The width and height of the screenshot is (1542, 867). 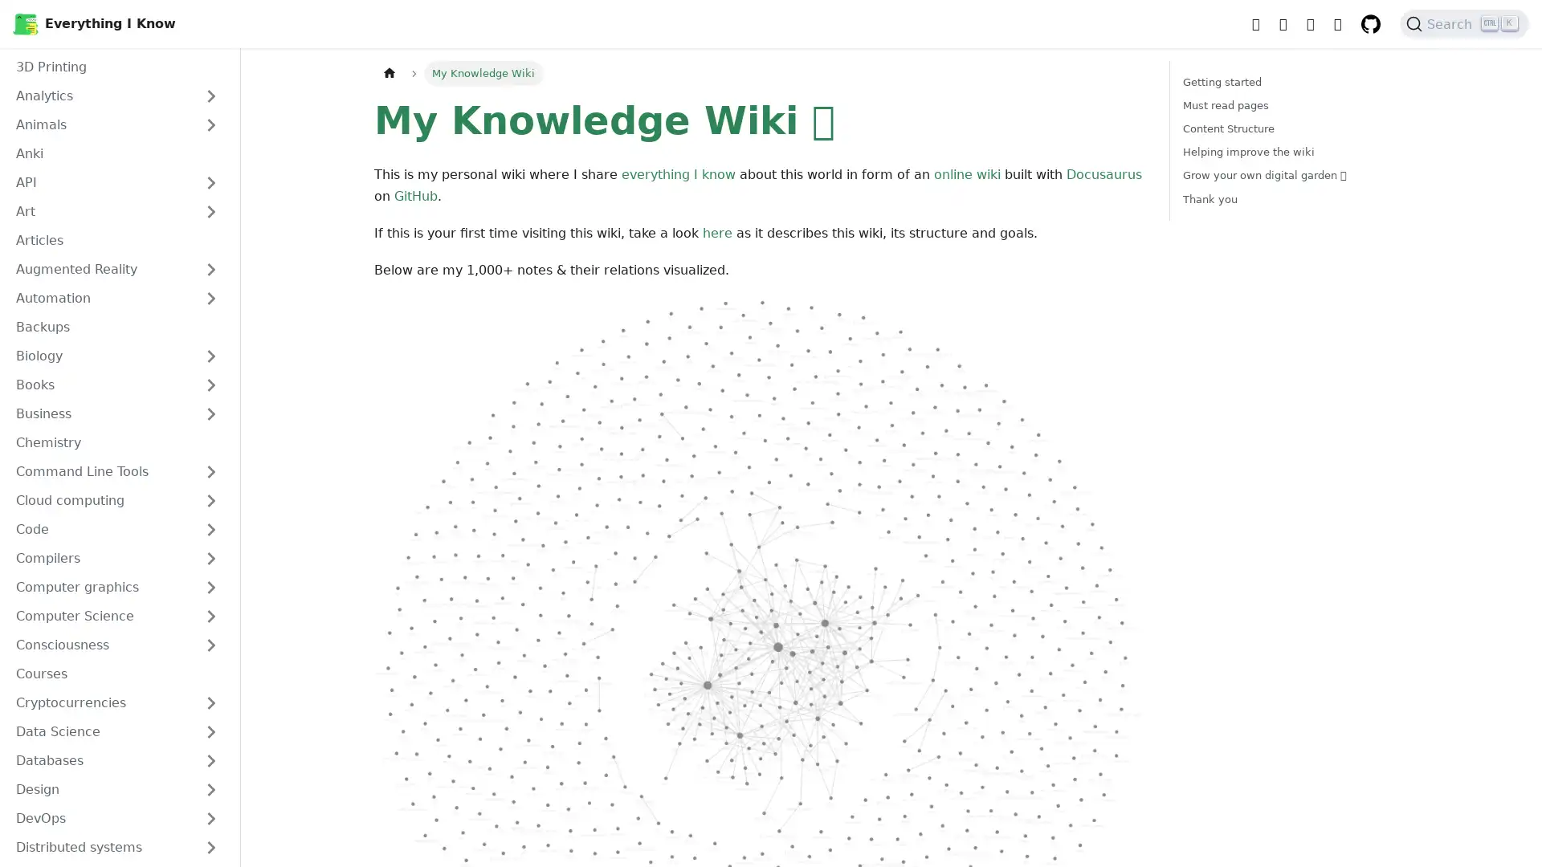 I want to click on Toggle the collapsible sidebar category 'Animals', so click(x=210, y=124).